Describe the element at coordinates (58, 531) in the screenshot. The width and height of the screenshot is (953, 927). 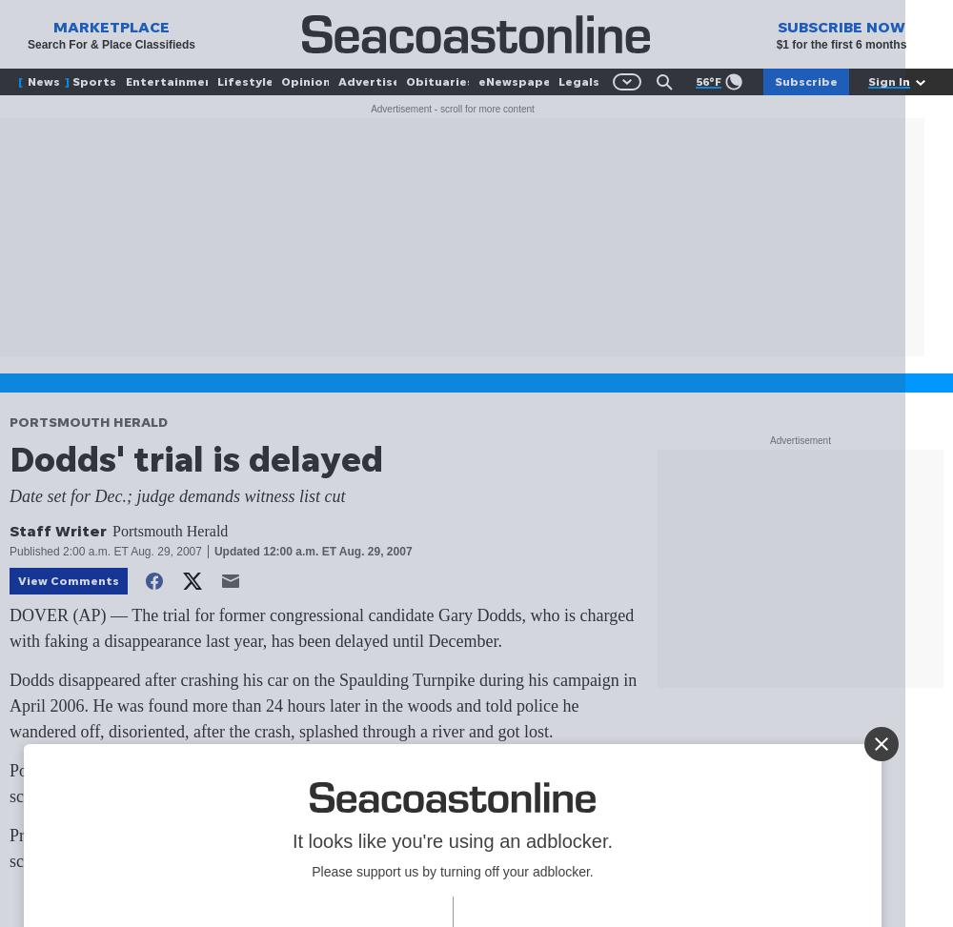
I see `'Staff Writer'` at that location.